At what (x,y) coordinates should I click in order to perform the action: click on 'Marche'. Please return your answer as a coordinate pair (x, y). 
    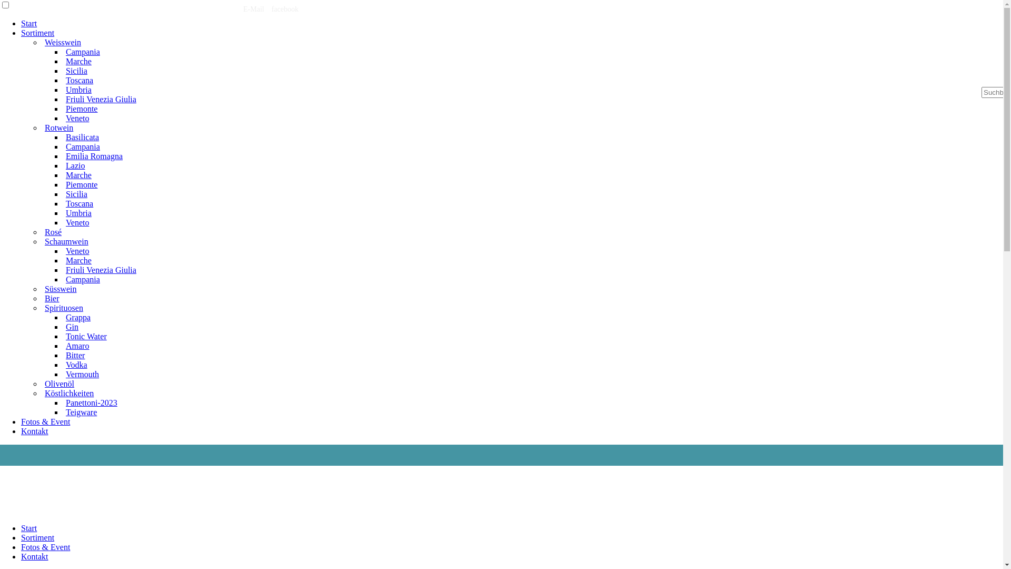
    Looking at the image, I should click on (78, 260).